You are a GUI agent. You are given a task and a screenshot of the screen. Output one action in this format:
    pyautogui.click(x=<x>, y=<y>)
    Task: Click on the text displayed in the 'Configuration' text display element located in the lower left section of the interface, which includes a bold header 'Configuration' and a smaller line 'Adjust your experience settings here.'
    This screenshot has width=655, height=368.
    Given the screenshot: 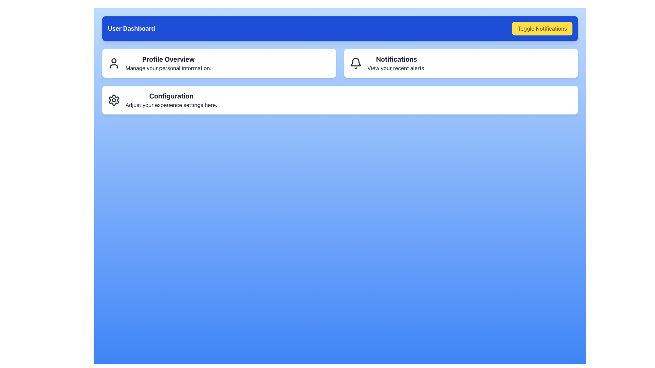 What is the action you would take?
    pyautogui.click(x=171, y=100)
    